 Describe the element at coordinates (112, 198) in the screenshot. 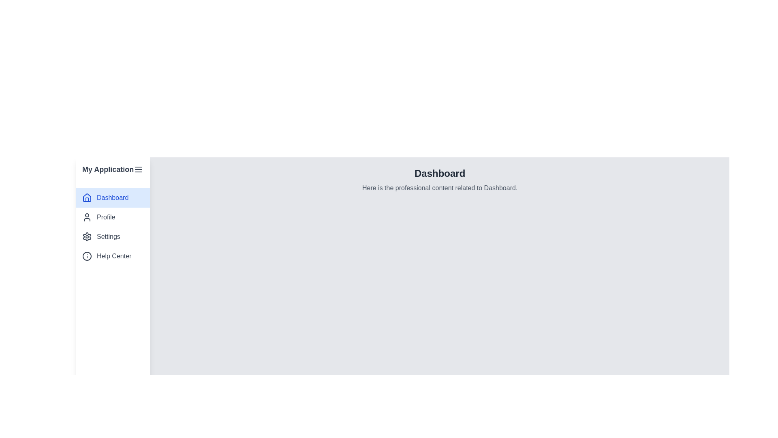

I see `the topmost list item in the vertical menu with a blue background and text, labeled 'Dashboard', which serves as a navigation hyperlink` at that location.